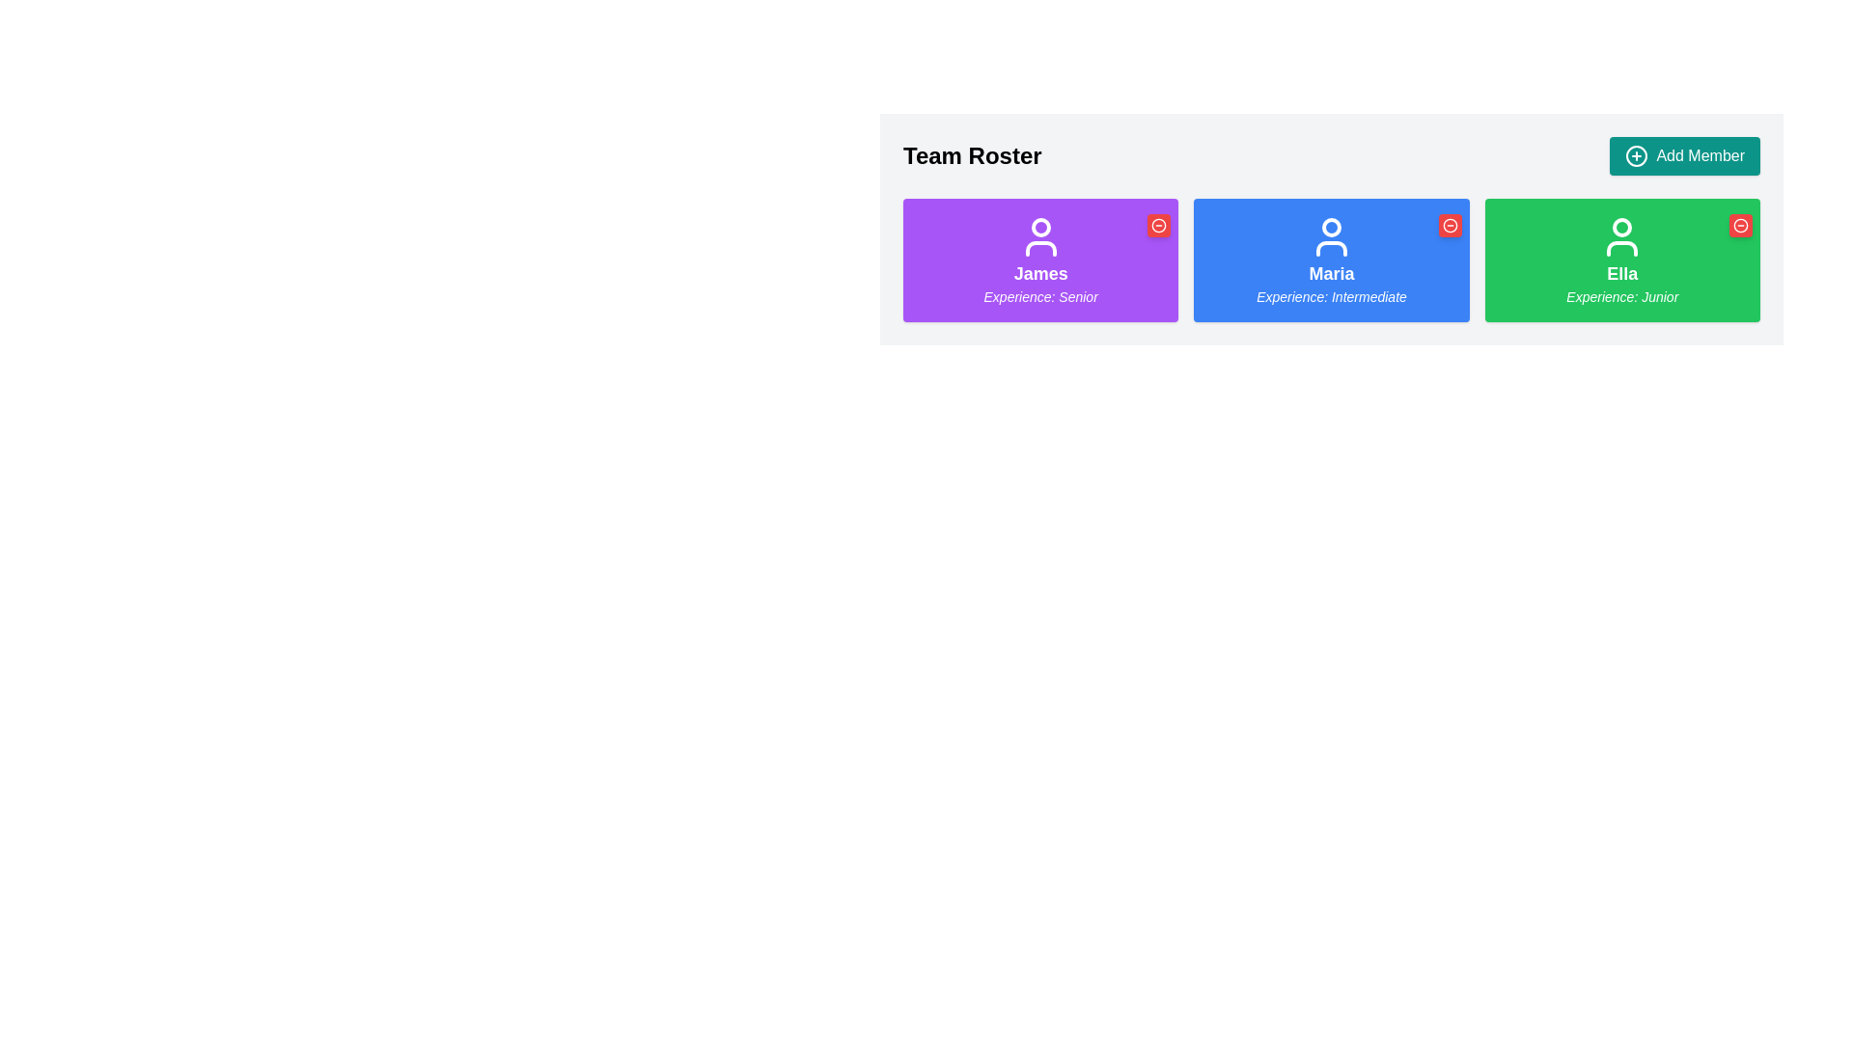  What do you see at coordinates (1636, 155) in the screenshot?
I see `the decorative circular component within the SVG that functions as part of an interactive button for adding new members to the roster` at bounding box center [1636, 155].